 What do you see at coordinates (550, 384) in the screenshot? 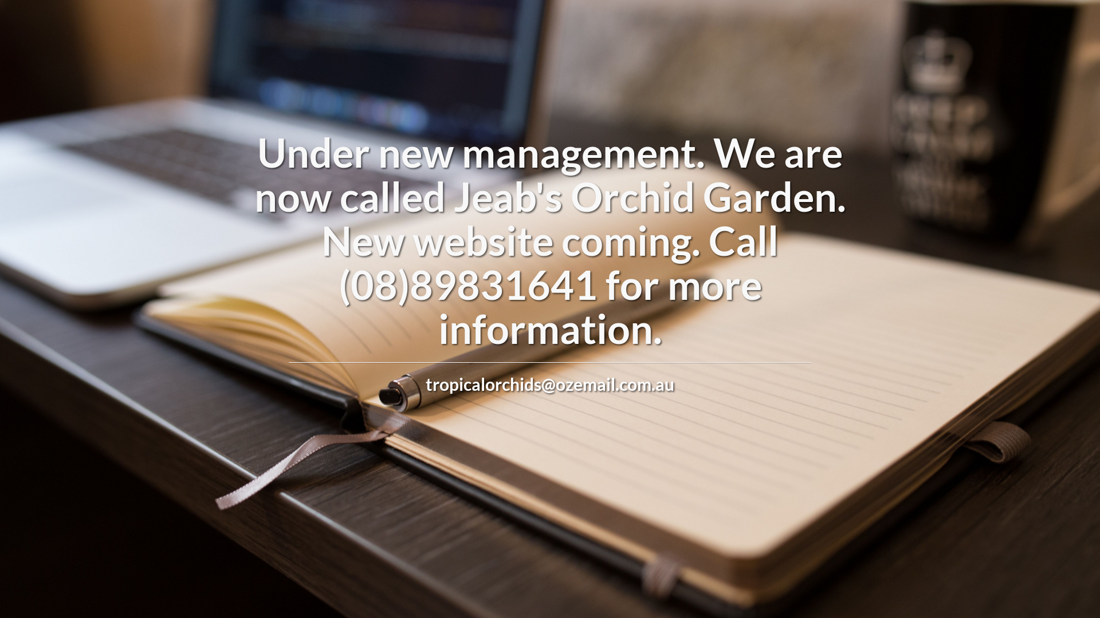
I see `'tropicalorchids@ozemail.com.au'` at bounding box center [550, 384].